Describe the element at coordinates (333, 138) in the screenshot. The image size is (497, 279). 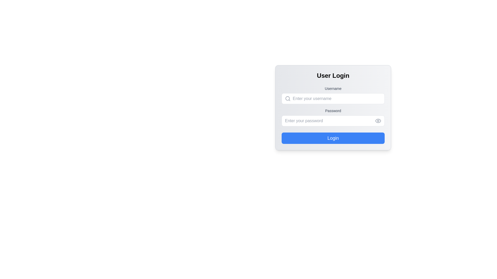
I see `the blue 'Login' button located at the bottom of the 'User Login' card layout to initiate the login process` at that location.